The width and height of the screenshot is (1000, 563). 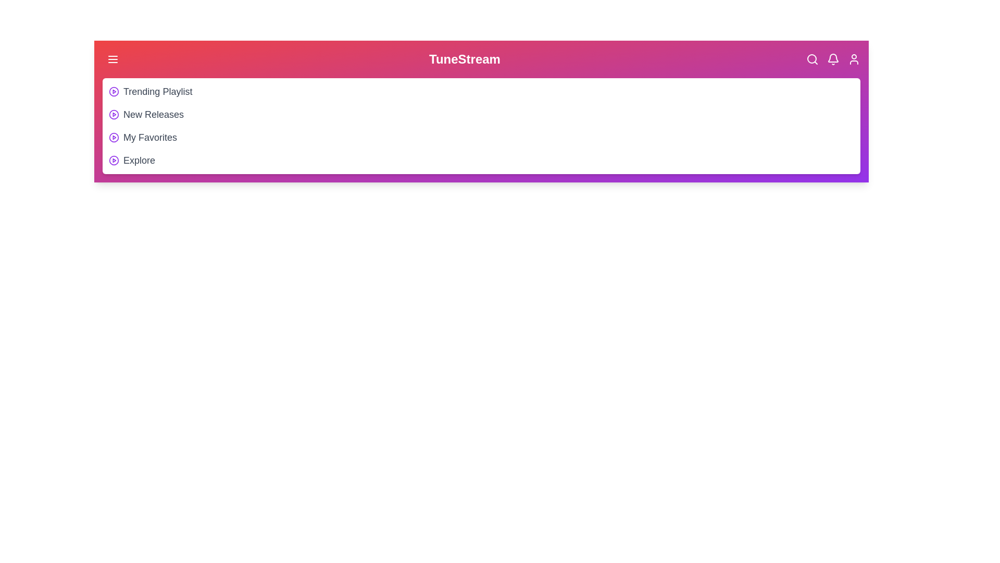 I want to click on the Bell icon in the header, so click(x=832, y=59).